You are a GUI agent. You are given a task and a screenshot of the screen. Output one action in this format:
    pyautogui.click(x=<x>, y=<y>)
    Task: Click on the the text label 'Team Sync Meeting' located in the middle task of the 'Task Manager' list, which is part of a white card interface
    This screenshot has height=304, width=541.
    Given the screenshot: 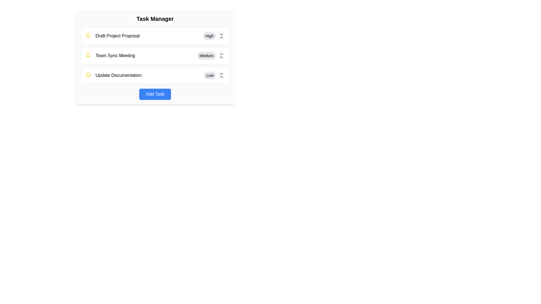 What is the action you would take?
    pyautogui.click(x=115, y=55)
    